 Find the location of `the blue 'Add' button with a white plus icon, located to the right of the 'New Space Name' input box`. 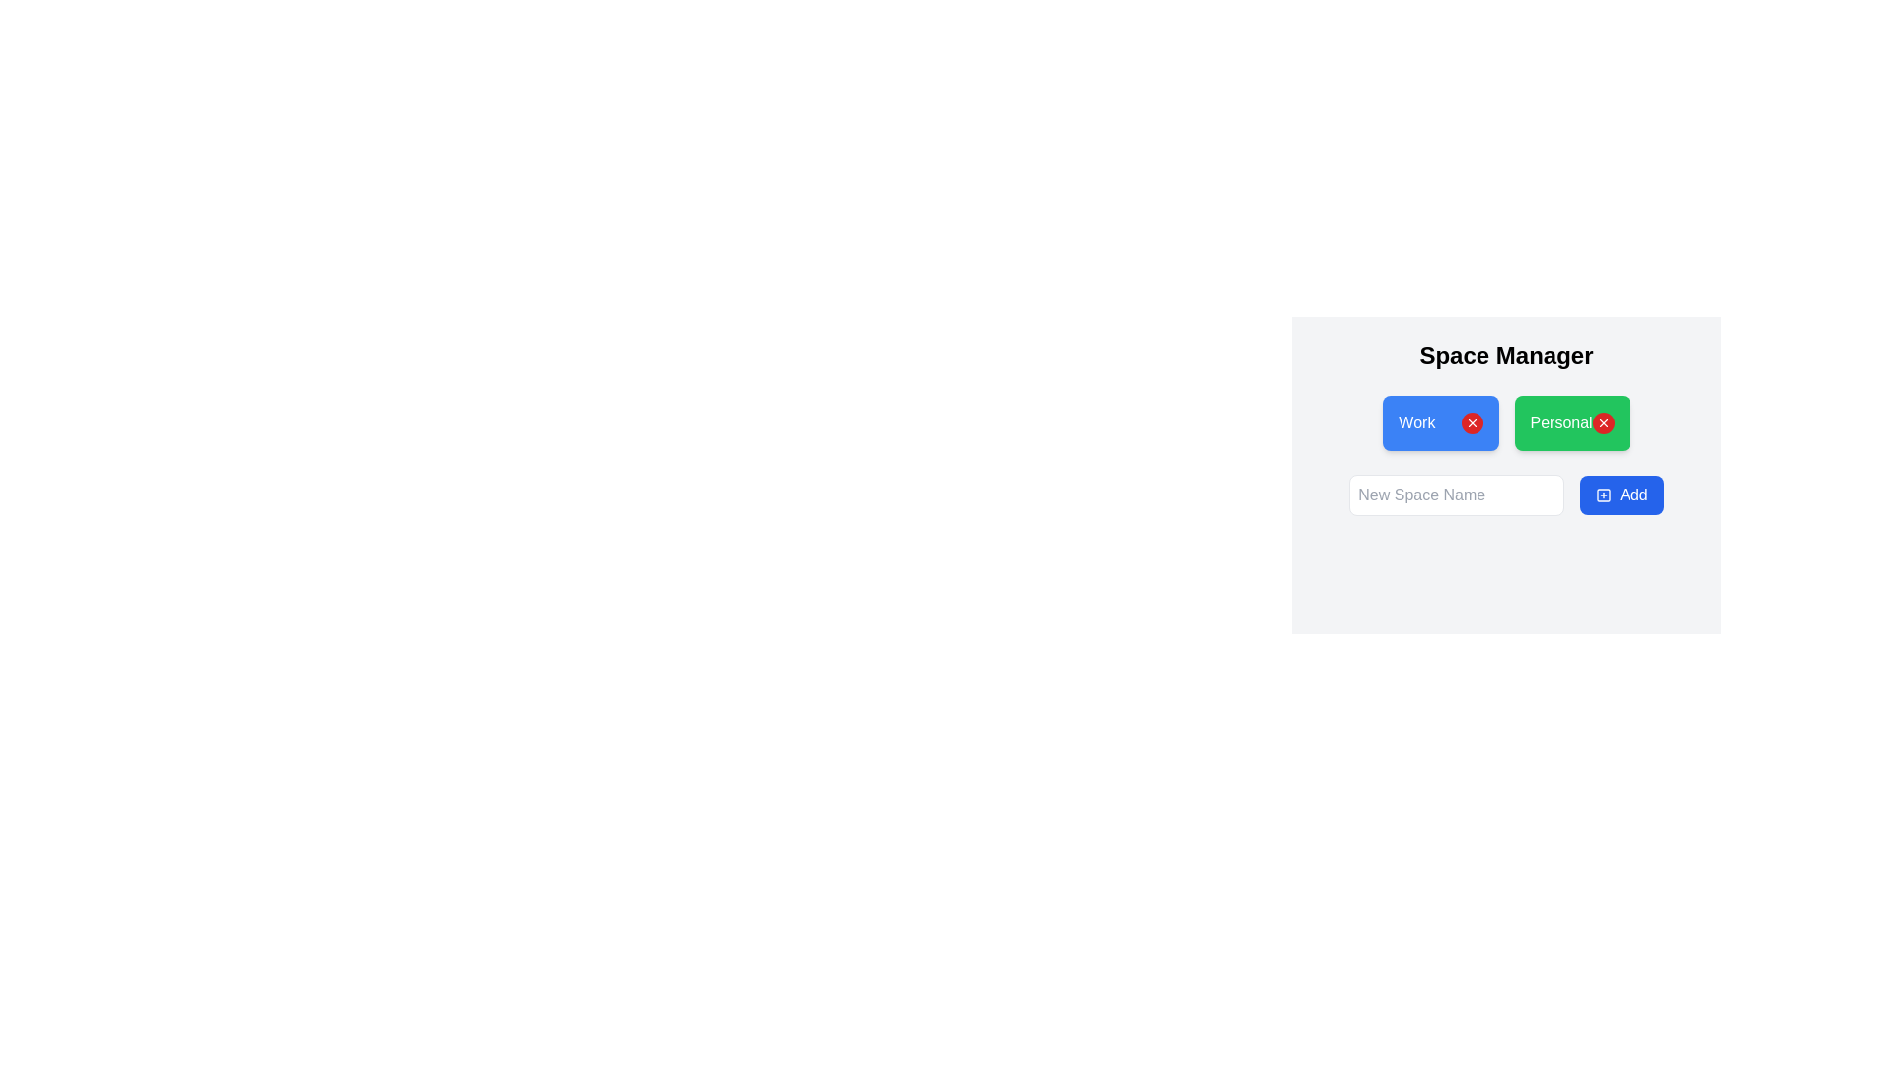

the blue 'Add' button with a white plus icon, located to the right of the 'New Space Name' input box is located at coordinates (1622, 494).